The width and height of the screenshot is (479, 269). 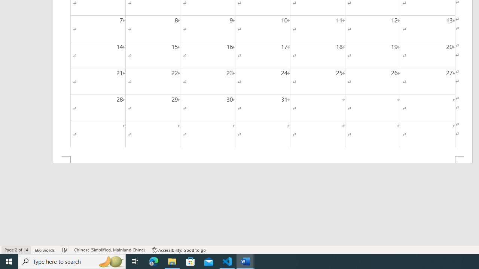 I want to click on 'Accessibility Checker Accessibility: Good to go', so click(x=179, y=250).